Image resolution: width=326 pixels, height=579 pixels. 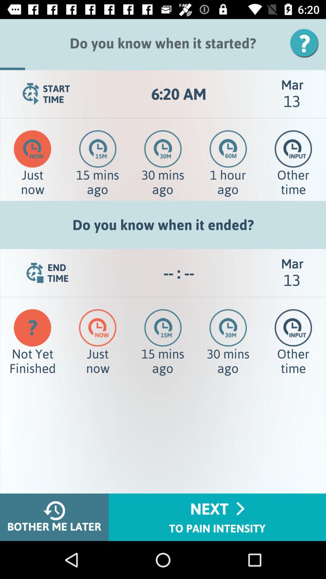 I want to click on the 6:20 am app, so click(x=178, y=94).